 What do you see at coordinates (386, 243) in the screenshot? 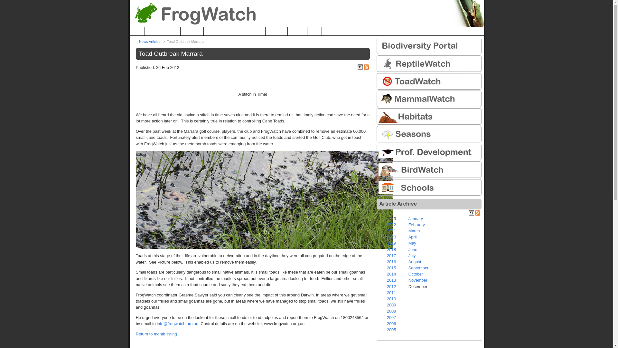
I see `'2019'` at bounding box center [386, 243].